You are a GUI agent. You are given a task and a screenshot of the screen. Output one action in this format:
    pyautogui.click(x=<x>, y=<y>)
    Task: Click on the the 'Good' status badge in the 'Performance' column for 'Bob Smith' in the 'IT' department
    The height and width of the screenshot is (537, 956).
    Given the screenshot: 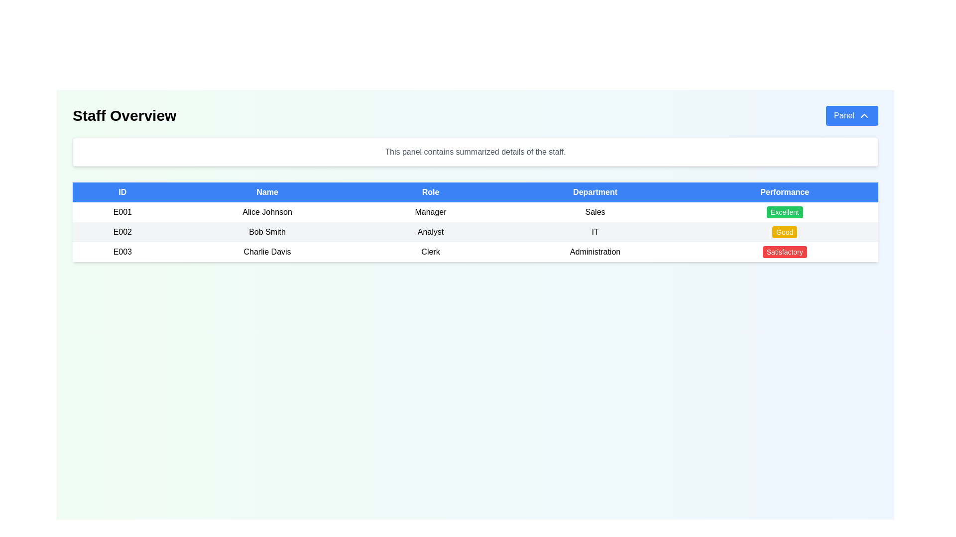 What is the action you would take?
    pyautogui.click(x=784, y=232)
    